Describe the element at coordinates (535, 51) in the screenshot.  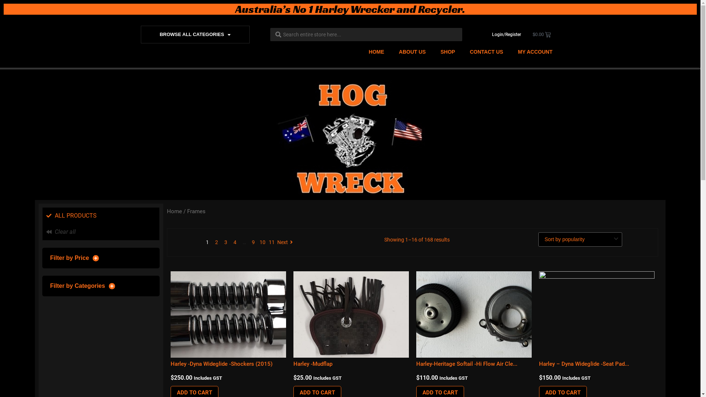
I see `'MY ACCOUNT'` at that location.